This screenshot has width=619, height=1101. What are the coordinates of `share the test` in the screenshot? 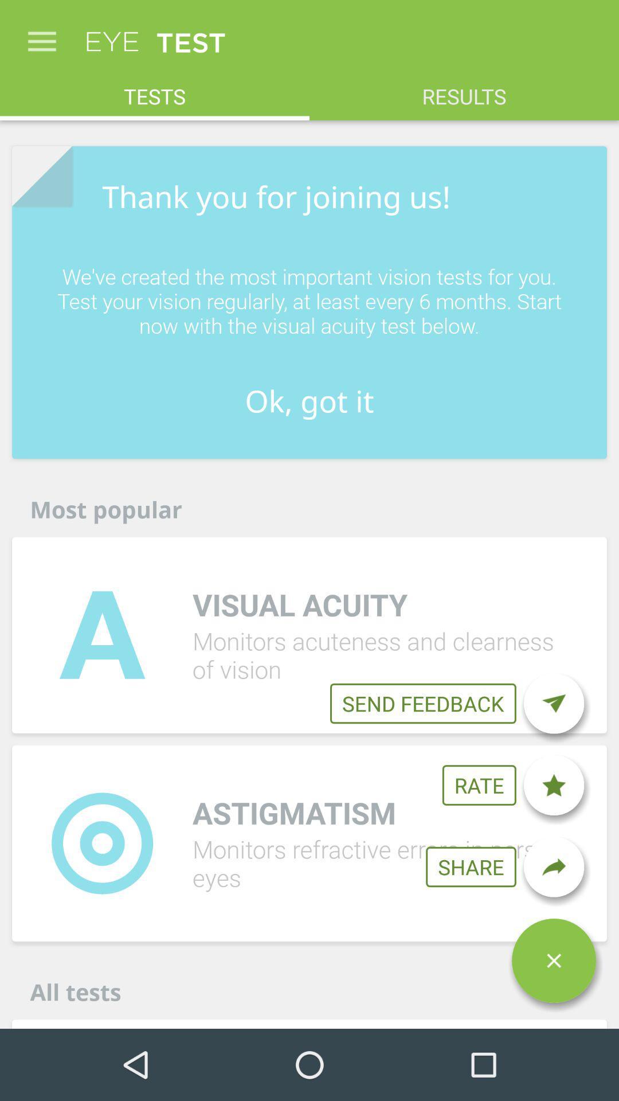 It's located at (553, 867).